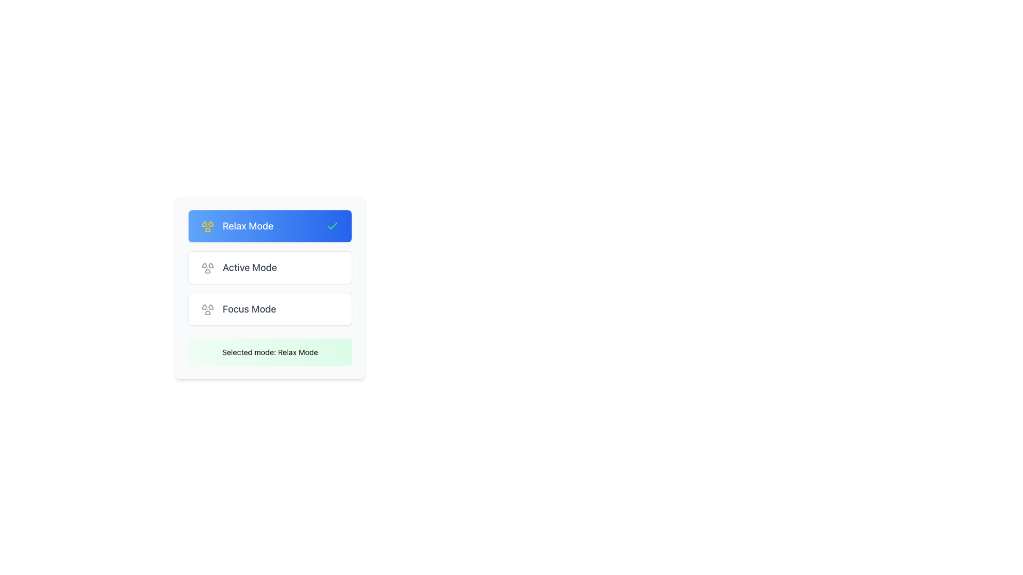 This screenshot has width=1023, height=575. Describe the element at coordinates (270, 225) in the screenshot. I see `the 'Relax Mode' button, which is the first button in a vertical list of three buttons` at that location.